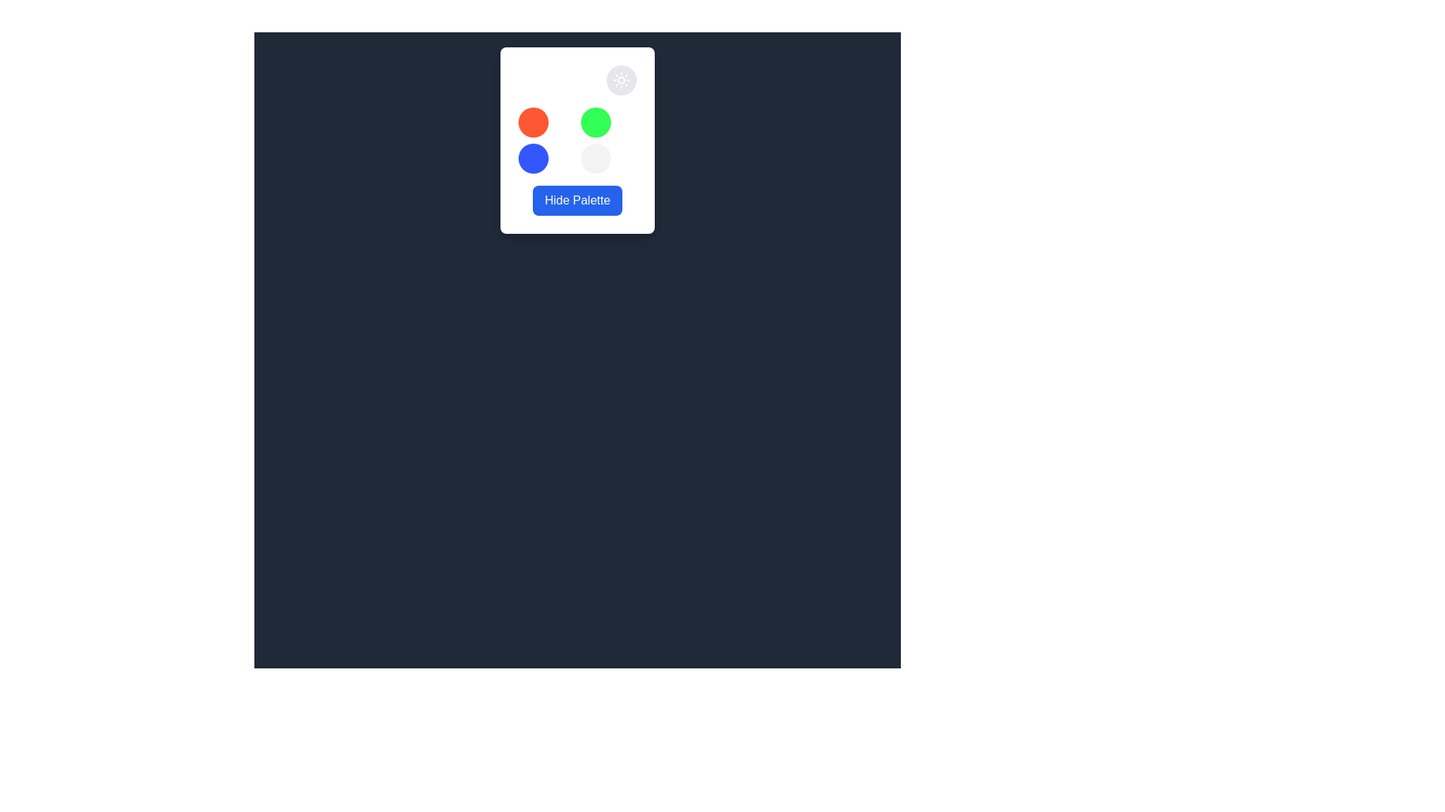 The width and height of the screenshot is (1445, 812). What do you see at coordinates (576, 140) in the screenshot?
I see `the green circle in the grid layout for selectable color options located within the 'Select Theme' card above the 'Hide Palette' button` at bounding box center [576, 140].